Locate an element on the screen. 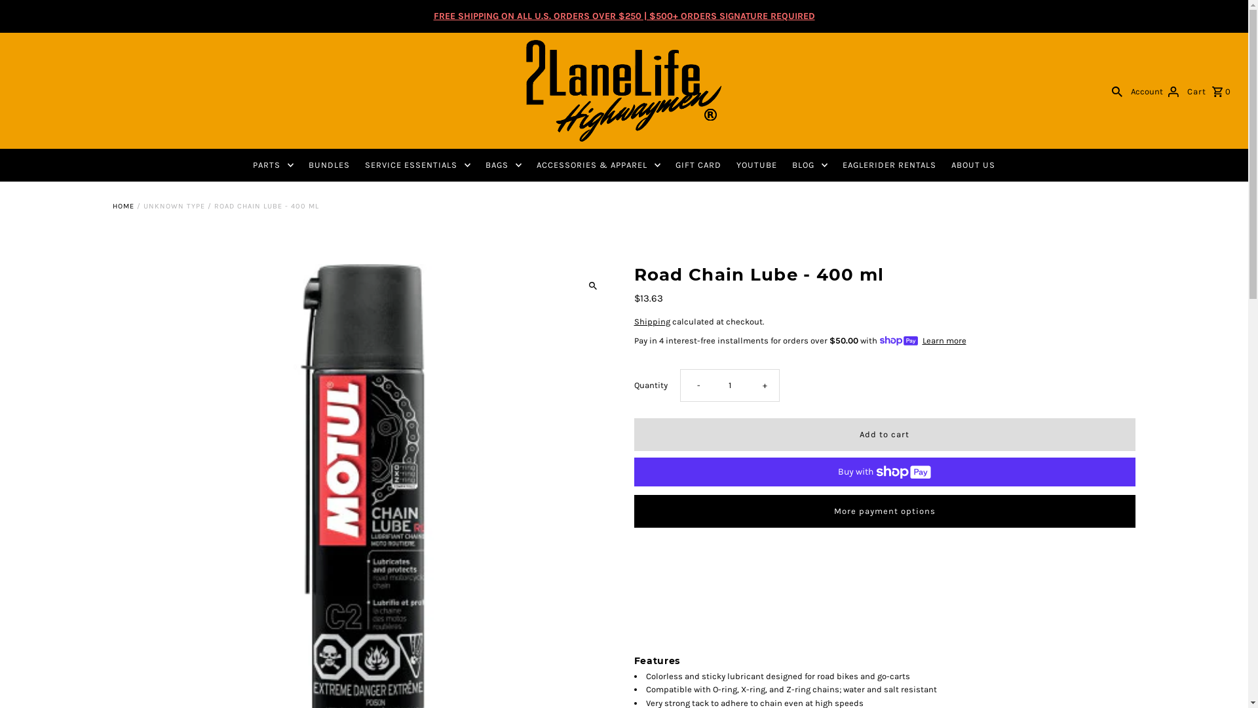 The width and height of the screenshot is (1258, 708). 'GIFT CARD' is located at coordinates (697, 164).